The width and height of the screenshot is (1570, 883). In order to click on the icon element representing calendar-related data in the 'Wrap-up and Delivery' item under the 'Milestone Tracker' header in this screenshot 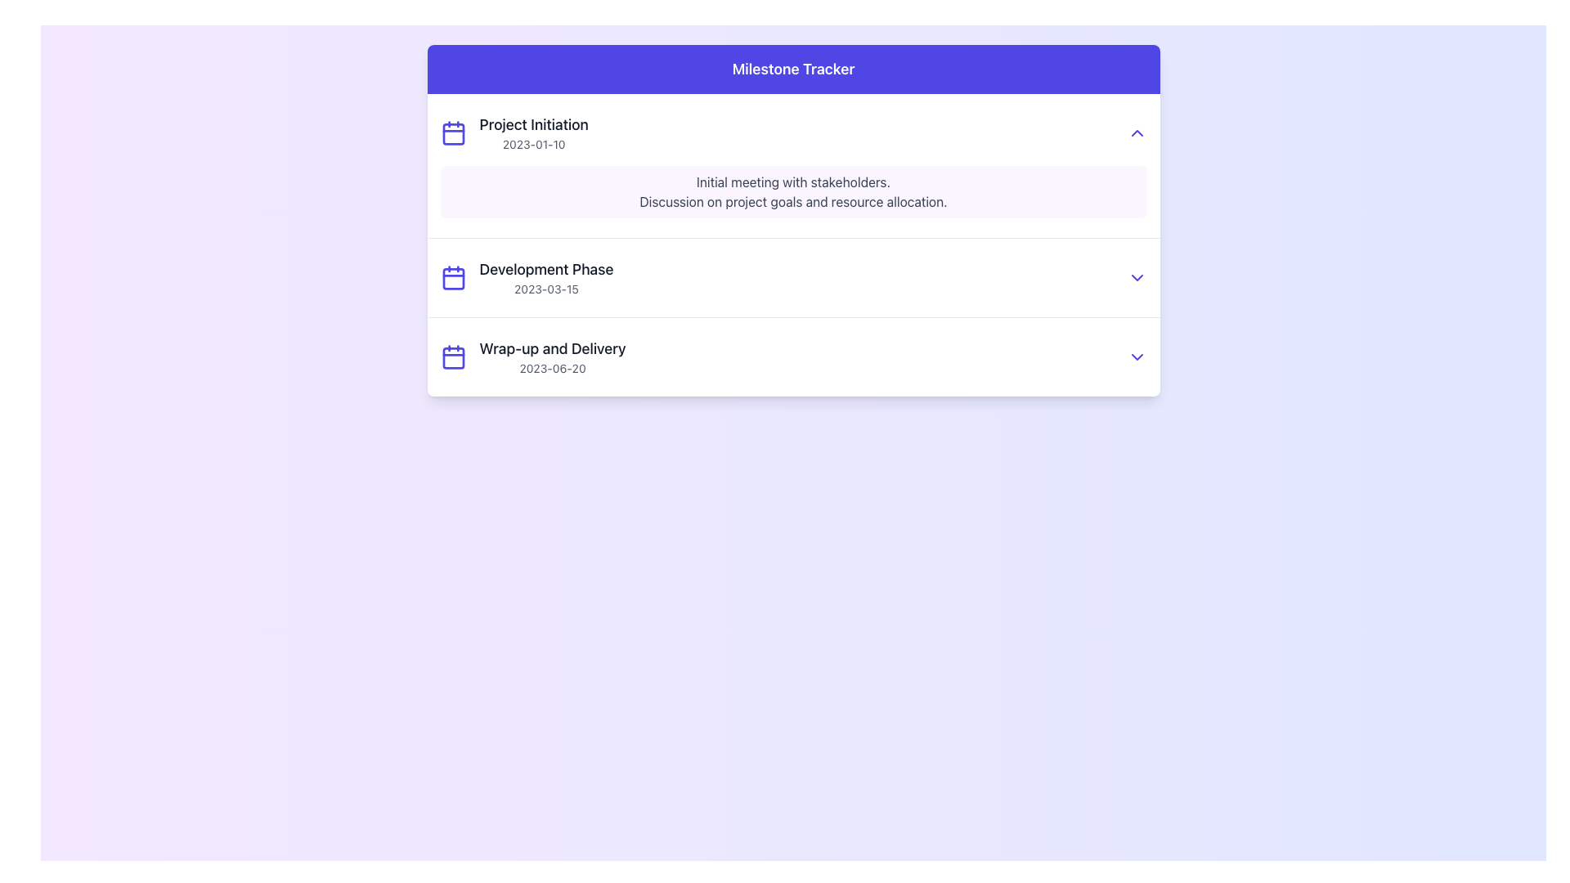, I will do `click(453, 356)`.